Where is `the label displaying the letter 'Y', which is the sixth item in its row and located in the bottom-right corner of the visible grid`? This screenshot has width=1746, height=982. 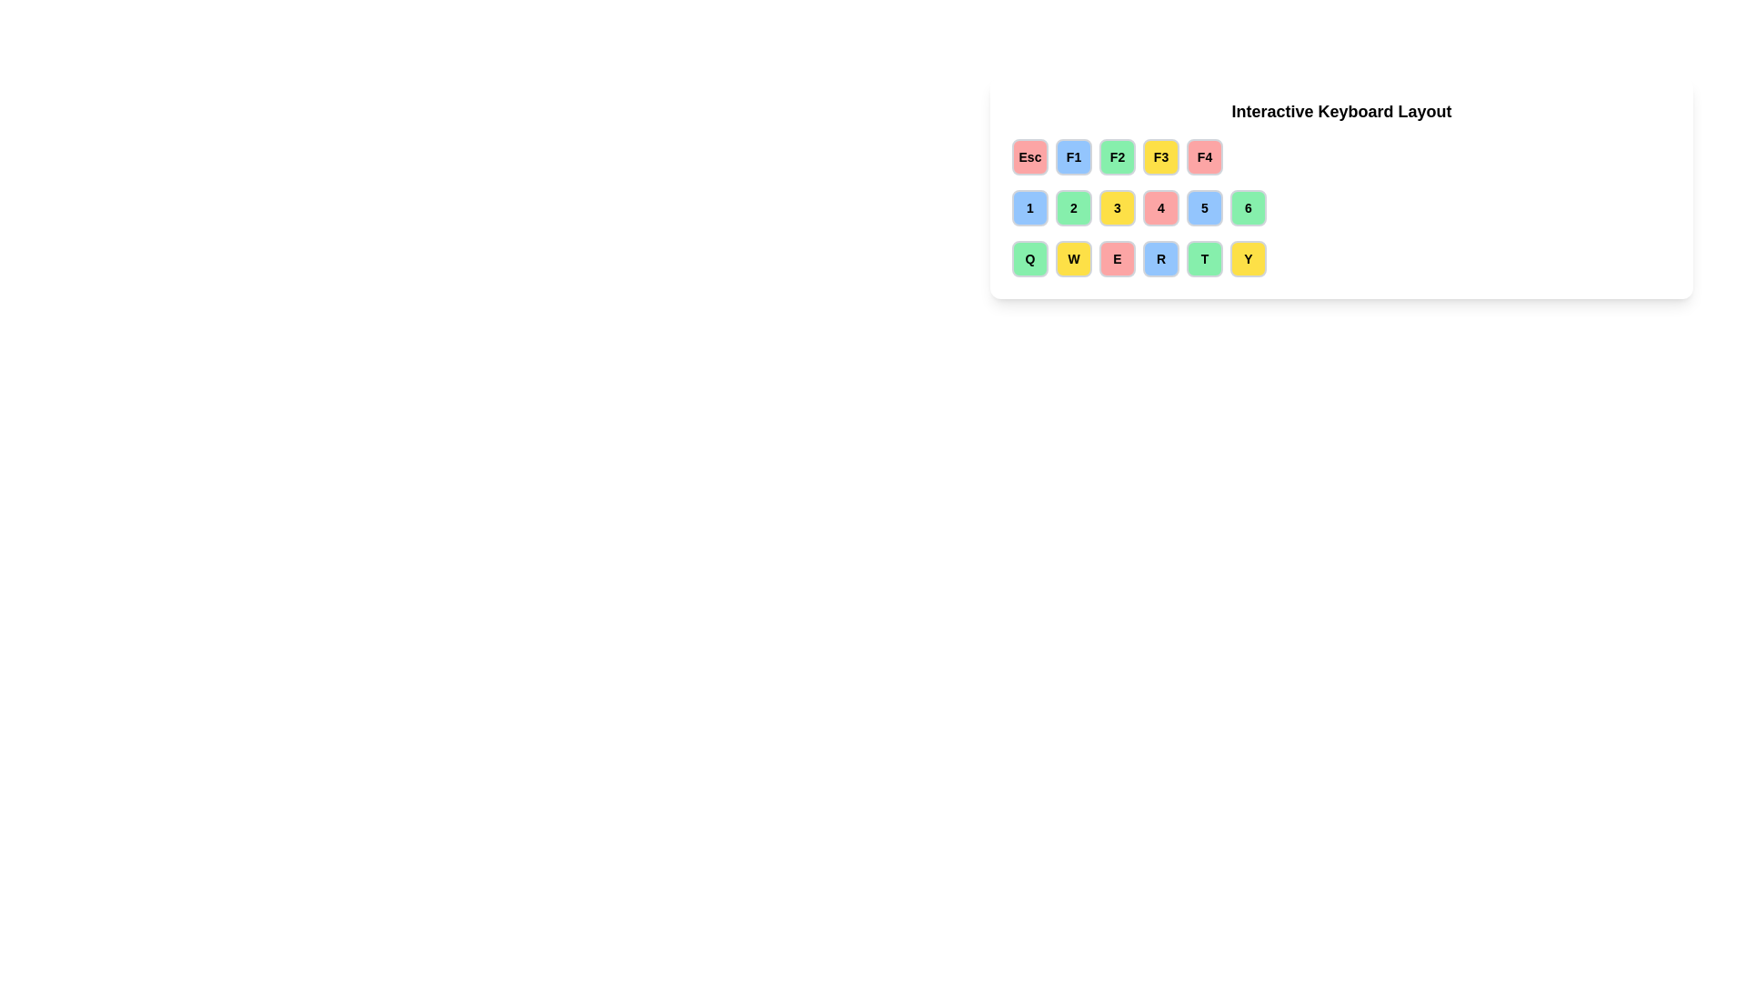 the label displaying the letter 'Y', which is the sixth item in its row and located in the bottom-right corner of the visible grid is located at coordinates (1247, 259).